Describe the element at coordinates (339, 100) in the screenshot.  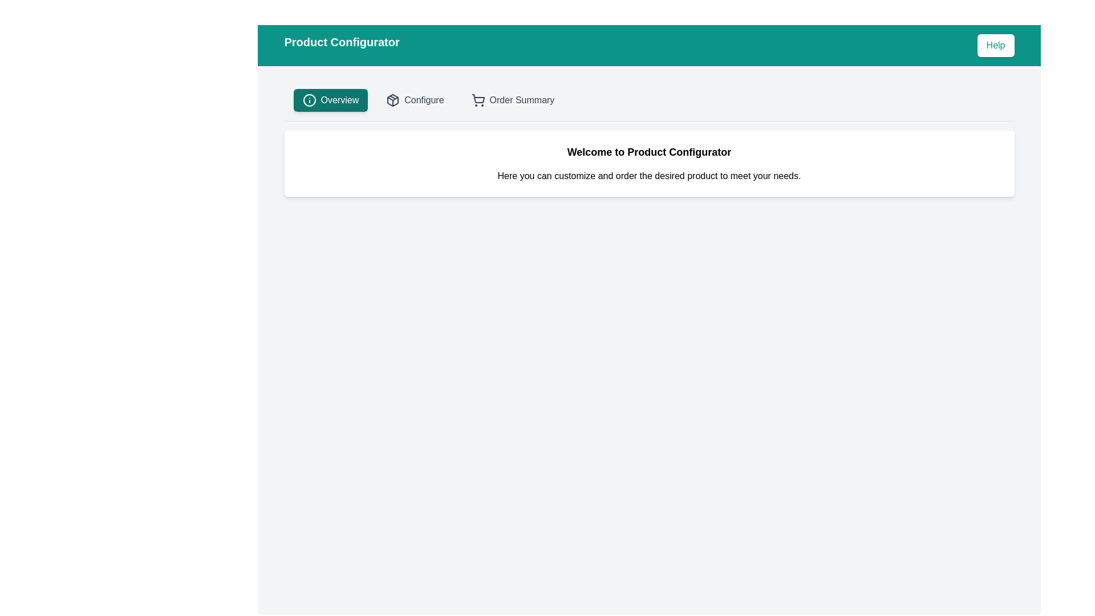
I see `the Menu button located in the navigation menu bar` at that location.